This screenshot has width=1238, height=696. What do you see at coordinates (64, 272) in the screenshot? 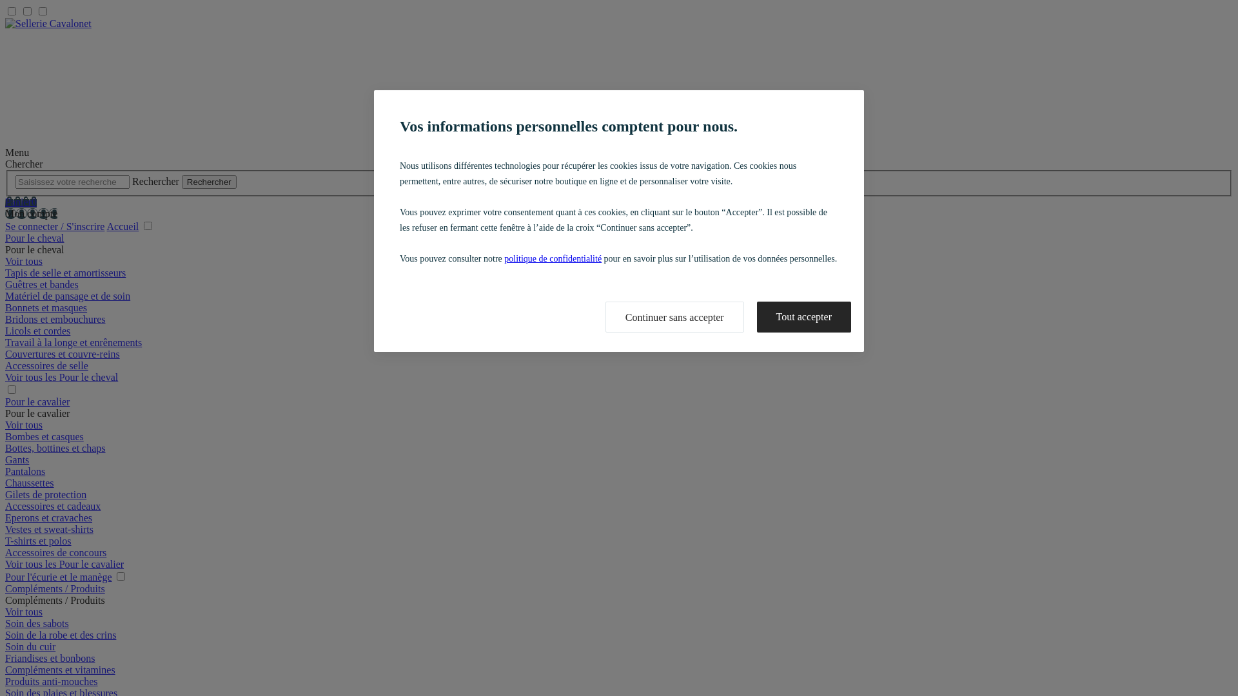
I see `'Tapis de selle et amortisseurs'` at bounding box center [64, 272].